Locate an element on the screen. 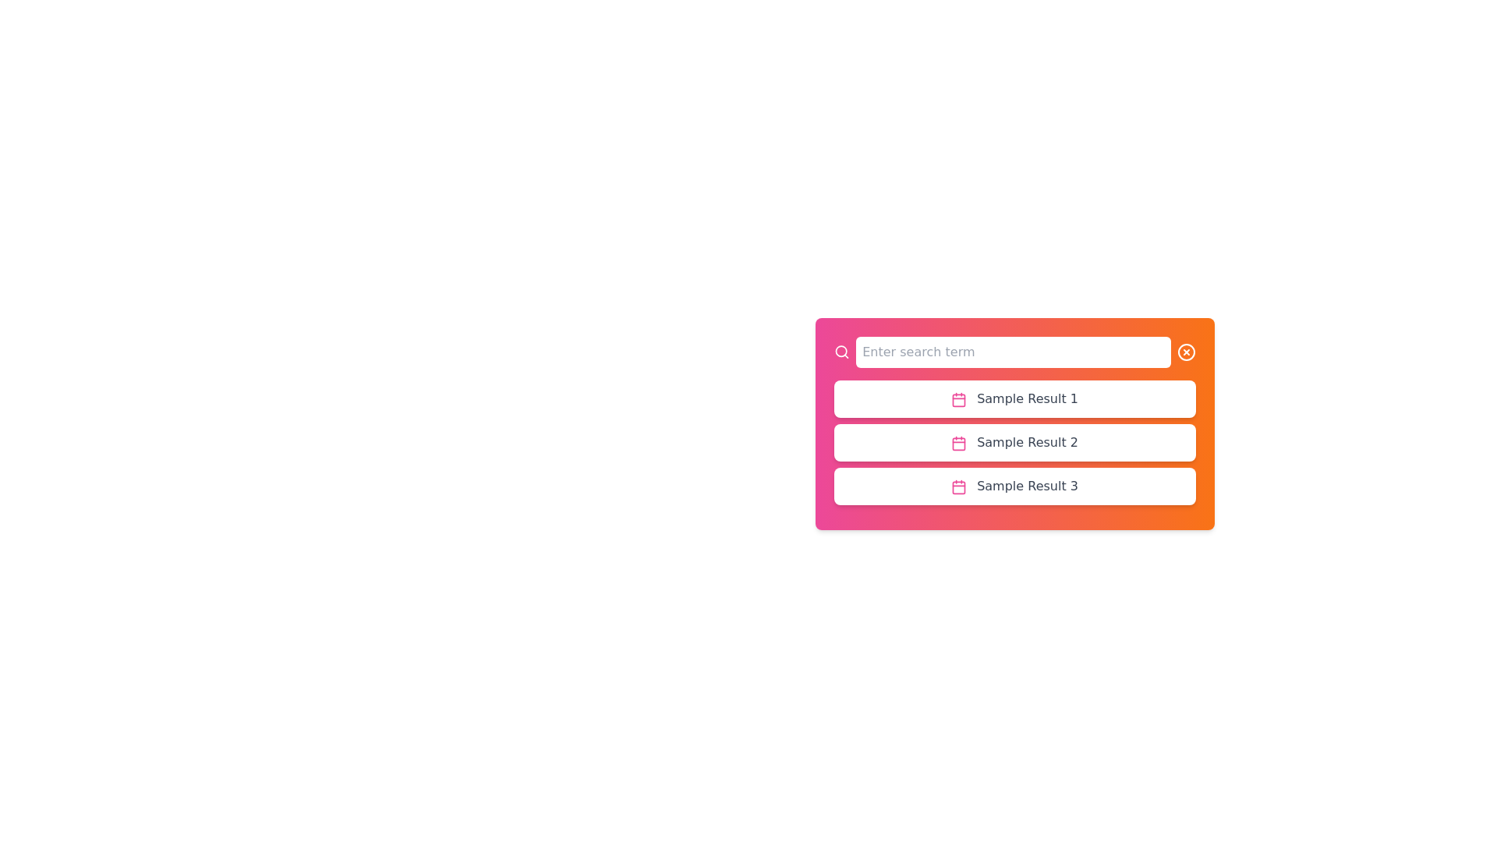  the small pink calendar icon with rounded edges located to the left of the text 'Sample Result 1' in the search results list is located at coordinates (958, 398).